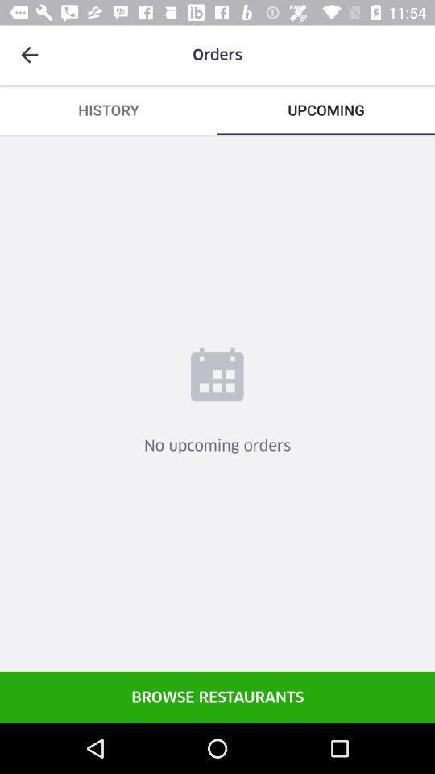  What do you see at coordinates (217, 696) in the screenshot?
I see `the item below no upcoming orders` at bounding box center [217, 696].